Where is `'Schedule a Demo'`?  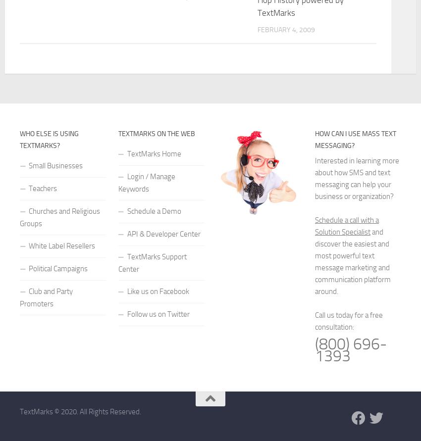 'Schedule a Demo' is located at coordinates (154, 211).